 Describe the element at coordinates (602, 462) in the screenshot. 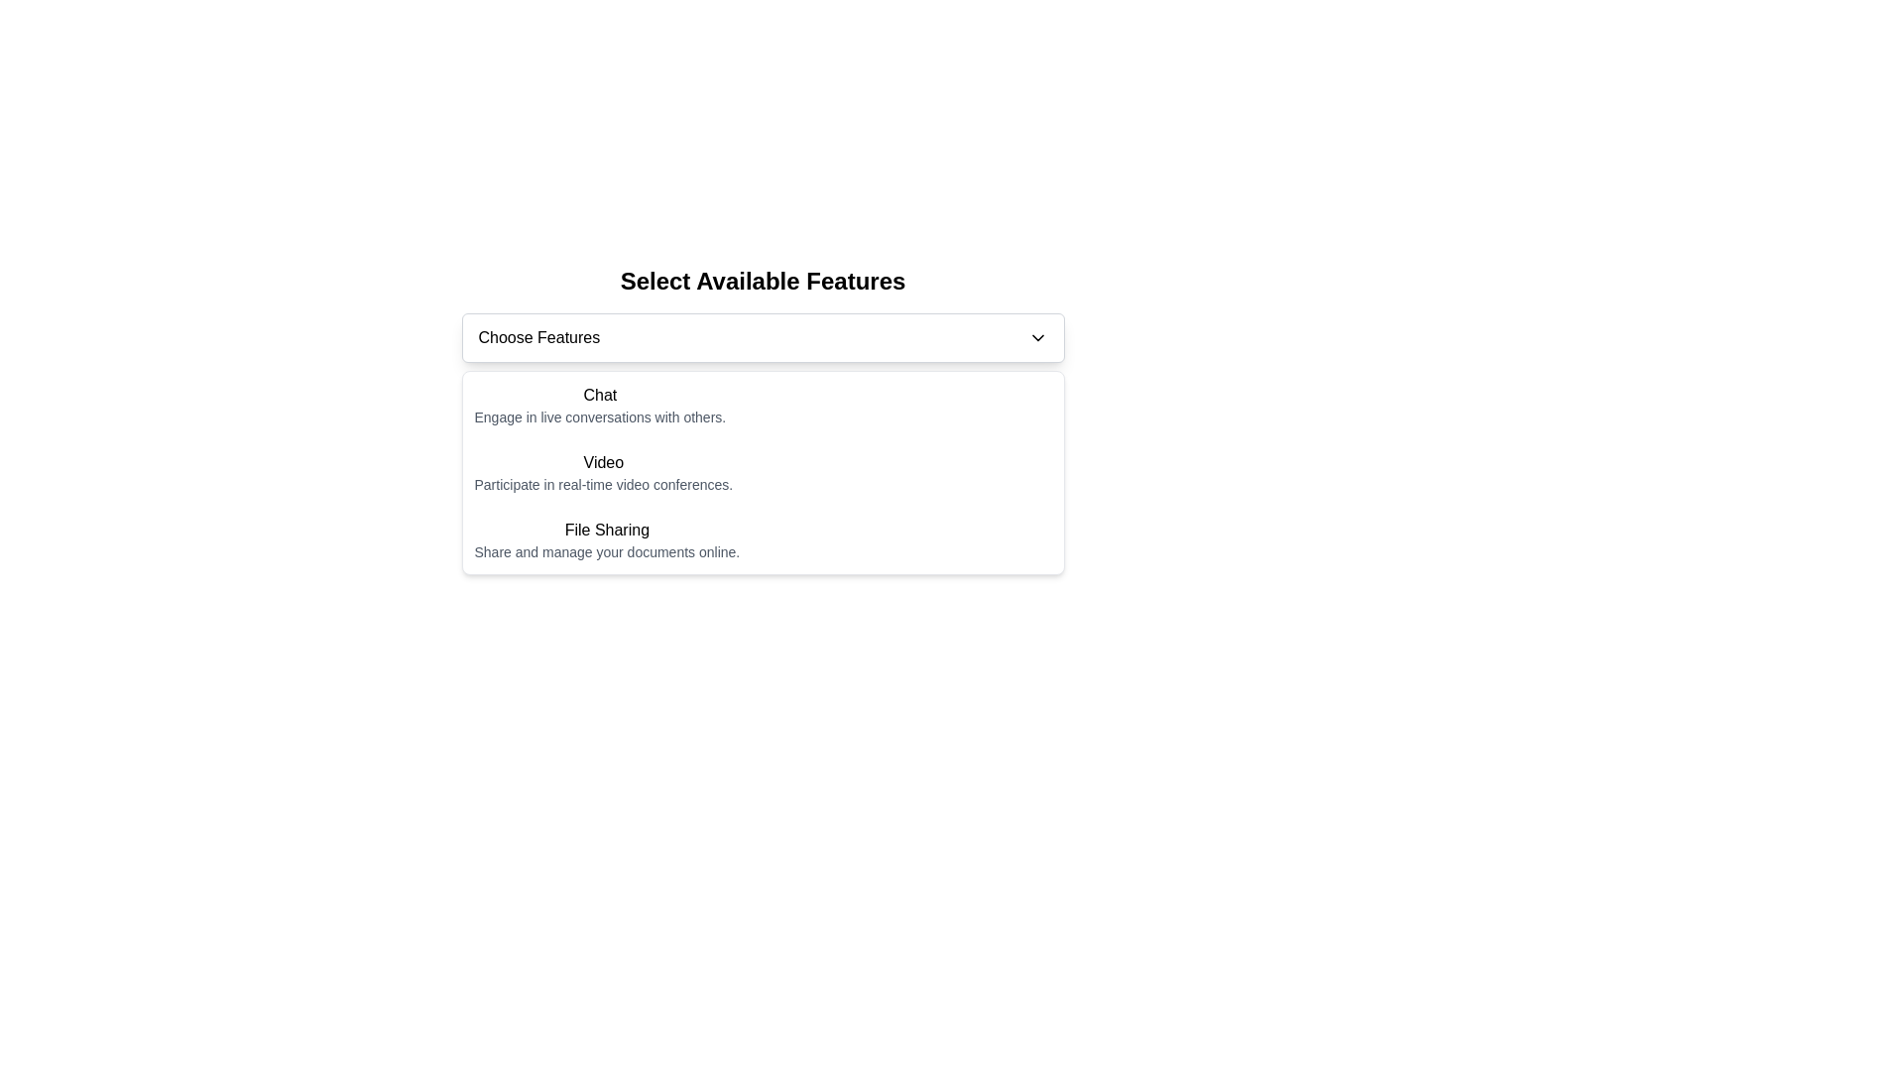

I see `the 'Video' text label, which is bold and black, located centrally in the interface, beneath 'Chat' and above 'File Sharing'` at that location.